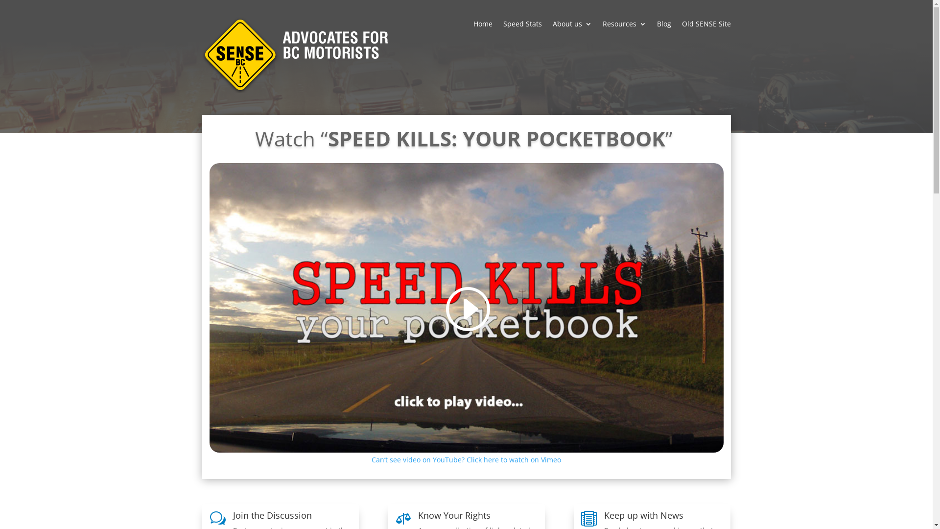 The width and height of the screenshot is (940, 529). I want to click on 'Blog', so click(664, 30).